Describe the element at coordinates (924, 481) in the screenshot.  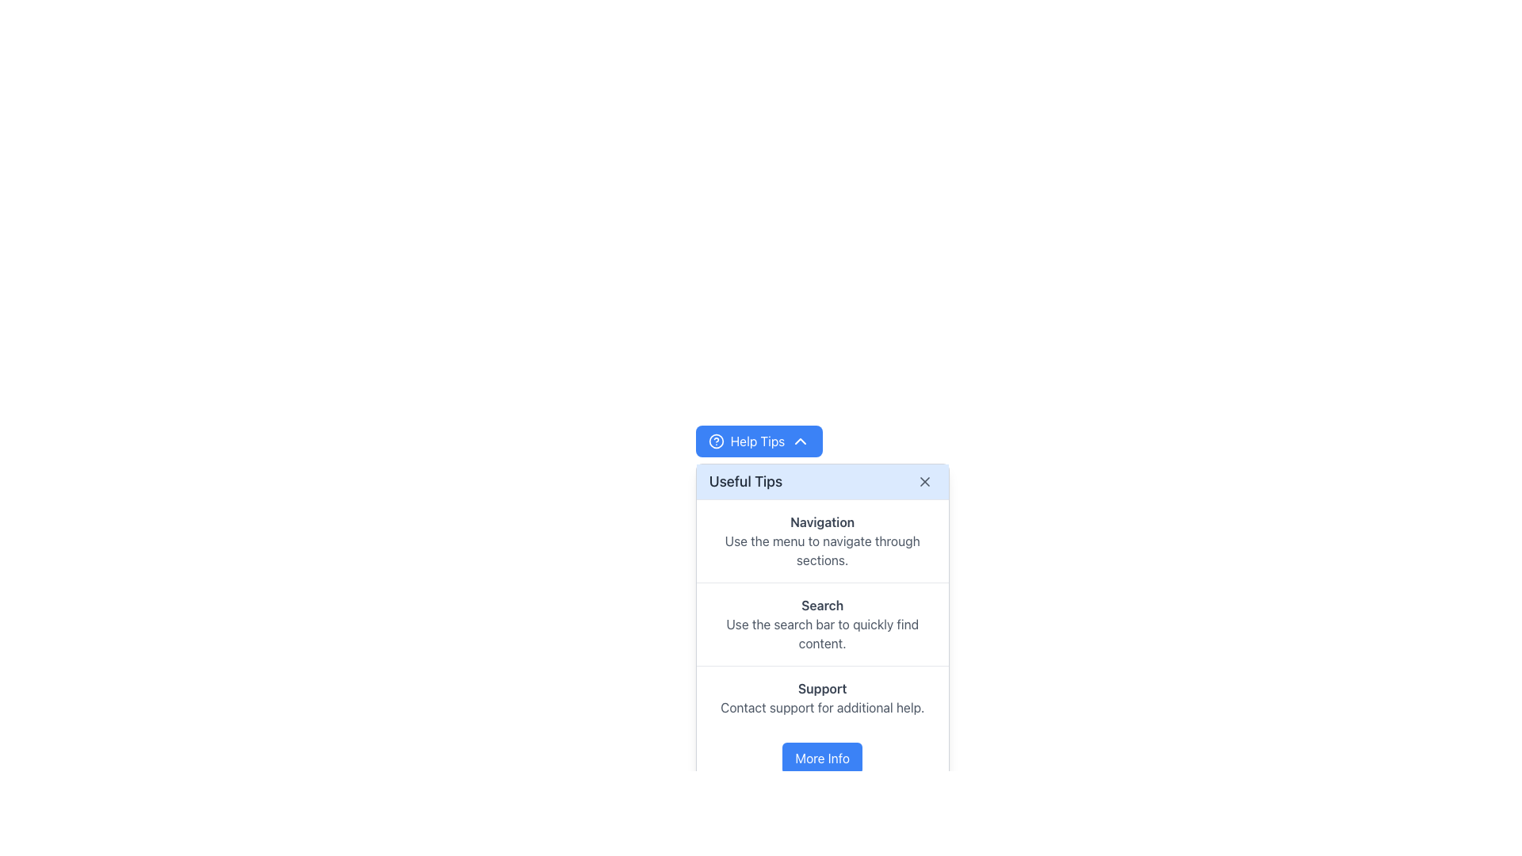
I see `the close button represented by an 'X' icon in gray on a light blue background, located at the top-right corner of the 'Useful Tips' popup header` at that location.